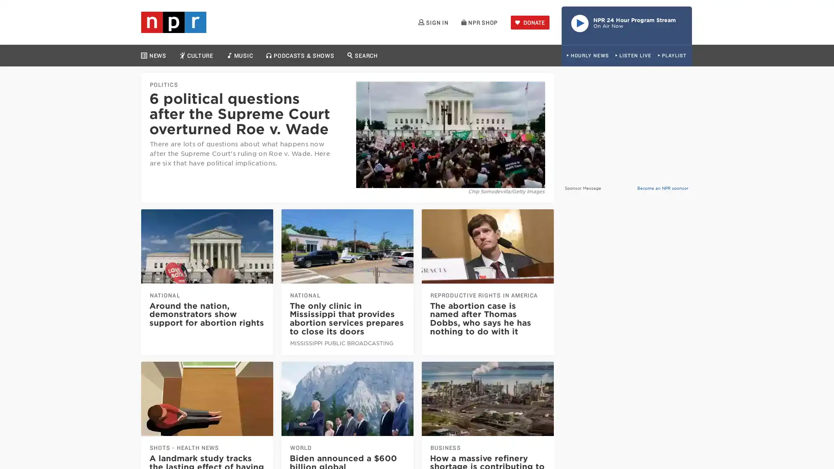 This screenshot has height=469, width=834. What do you see at coordinates (672, 56) in the screenshot?
I see `PLAYLIST` at bounding box center [672, 56].